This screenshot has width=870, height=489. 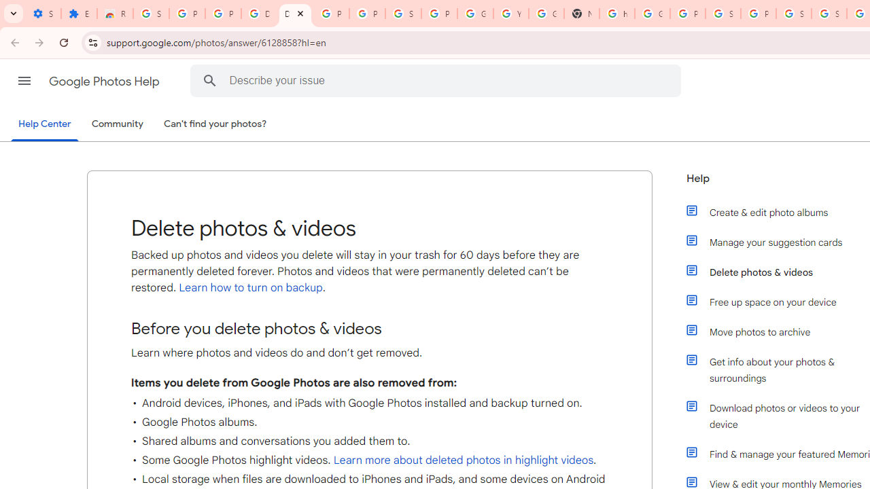 What do you see at coordinates (294, 14) in the screenshot?
I see `'Delete photos & videos - Computer - Google Photos Help'` at bounding box center [294, 14].